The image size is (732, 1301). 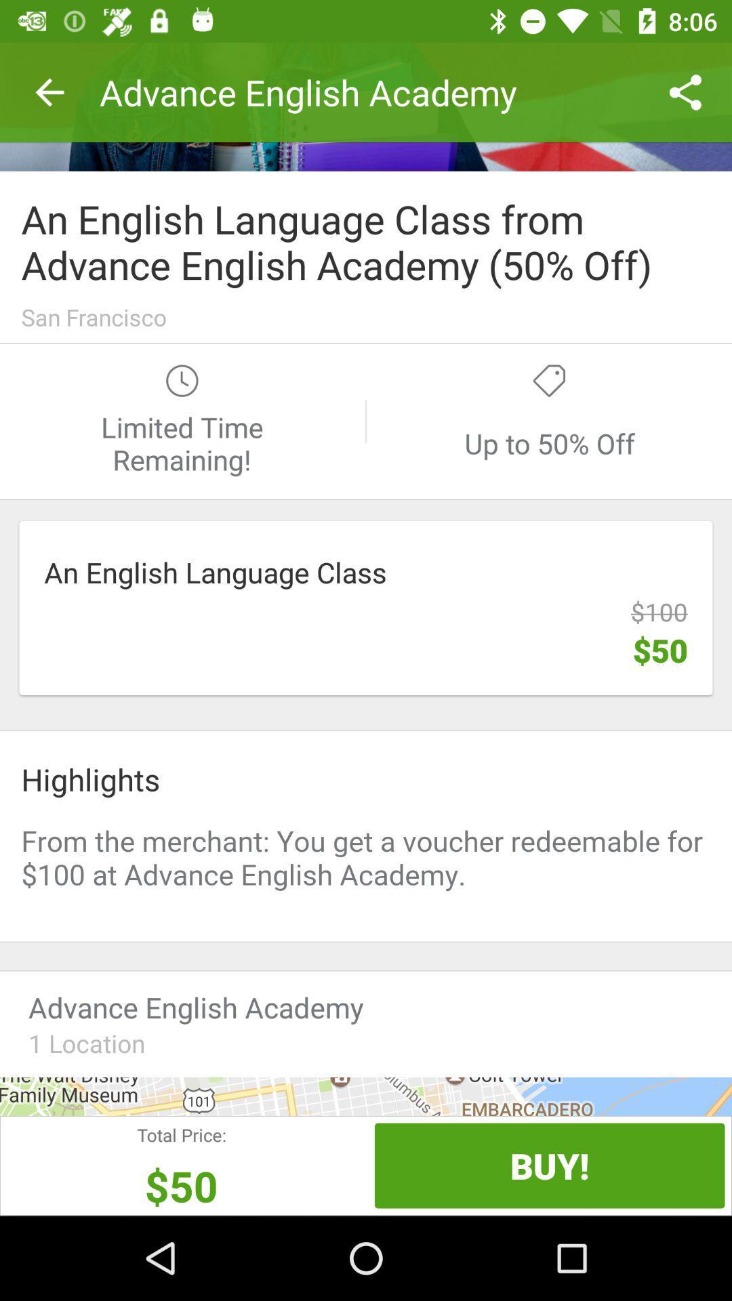 I want to click on advertisement, so click(x=366, y=863).